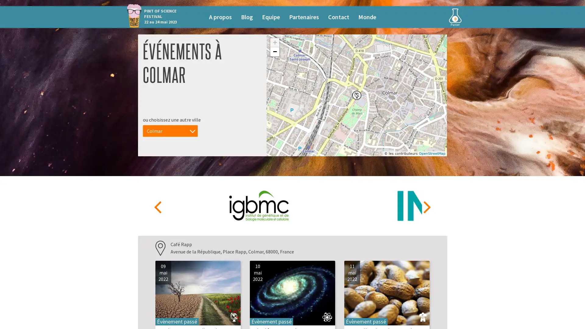 The width and height of the screenshot is (585, 329). What do you see at coordinates (275, 42) in the screenshot?
I see `Zoom in` at bounding box center [275, 42].